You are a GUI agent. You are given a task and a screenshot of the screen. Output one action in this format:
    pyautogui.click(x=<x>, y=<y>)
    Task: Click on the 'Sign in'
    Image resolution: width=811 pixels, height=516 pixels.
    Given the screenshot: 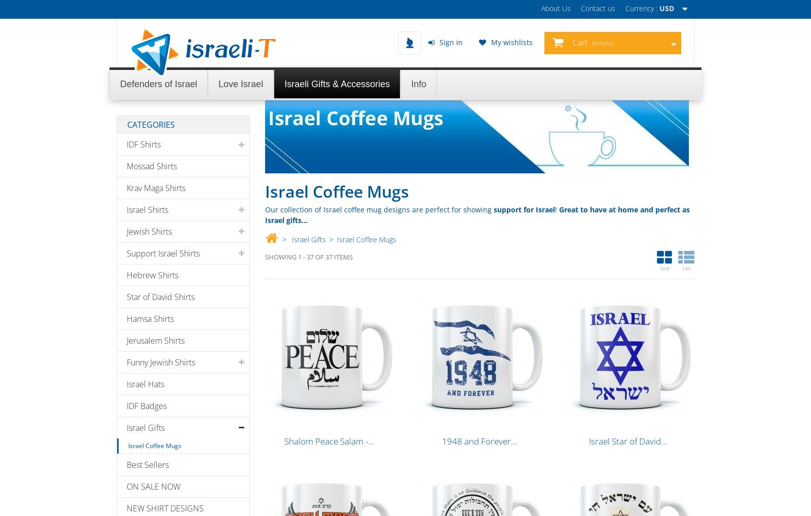 What is the action you would take?
    pyautogui.click(x=450, y=42)
    